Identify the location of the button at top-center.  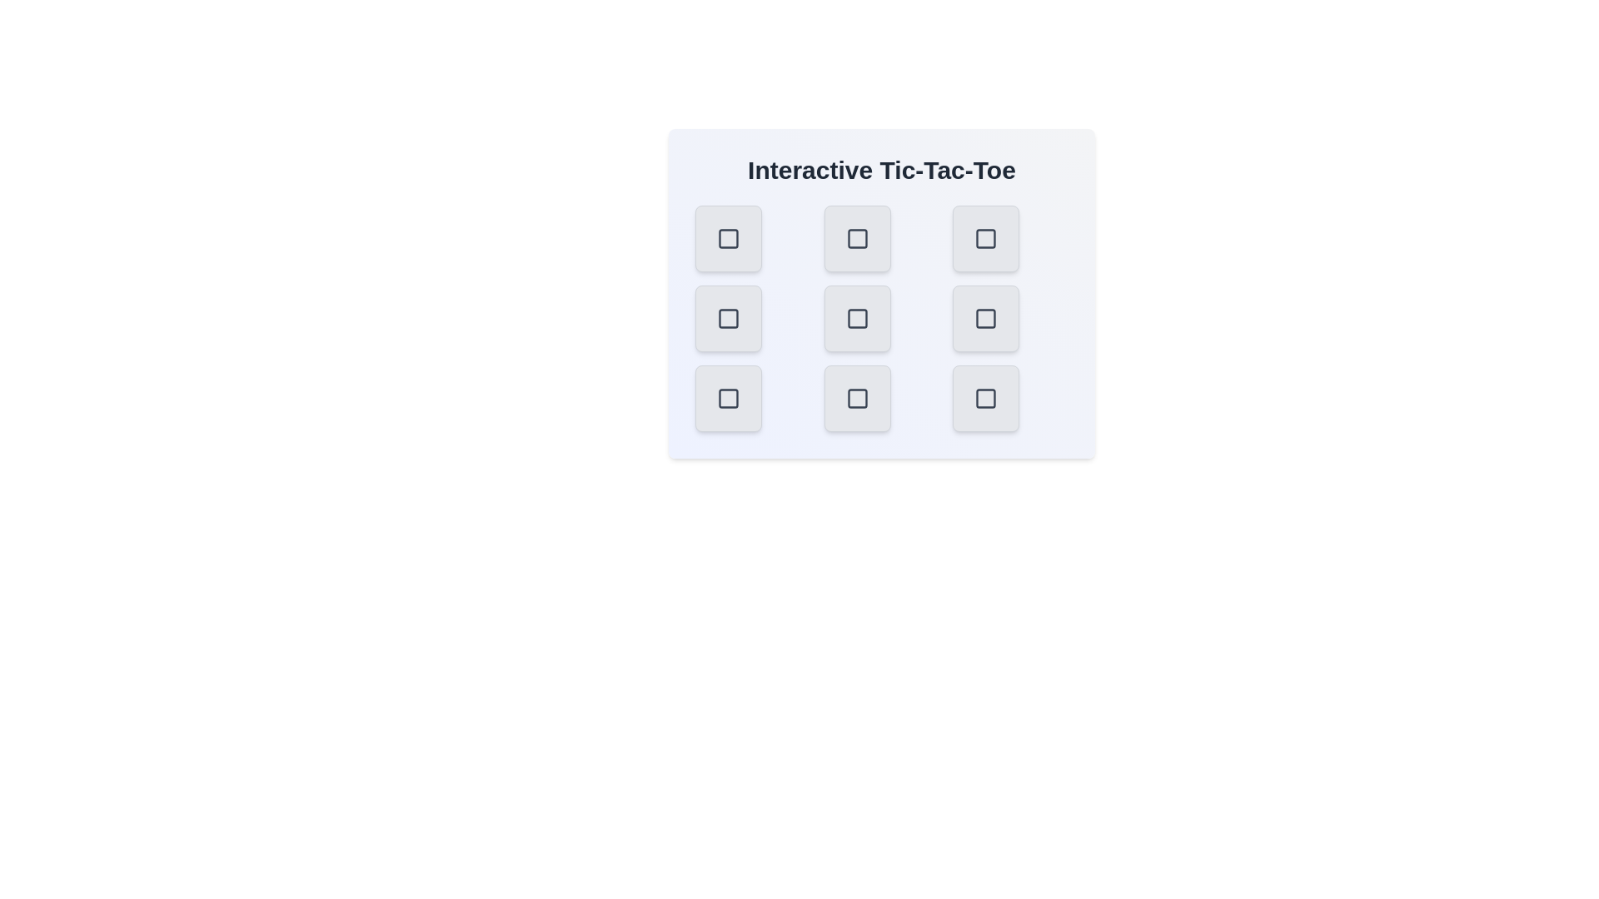
(857, 238).